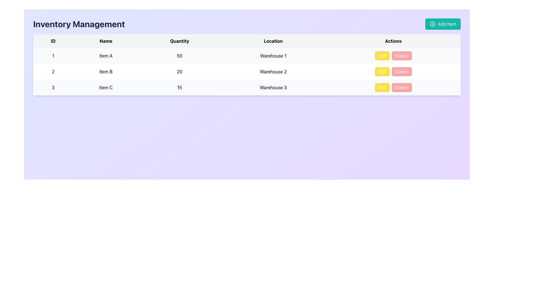  What do you see at coordinates (179, 41) in the screenshot?
I see `the third header text label that indicates quantities of items in the table, located between the 'Name' and 'Location' headers` at bounding box center [179, 41].